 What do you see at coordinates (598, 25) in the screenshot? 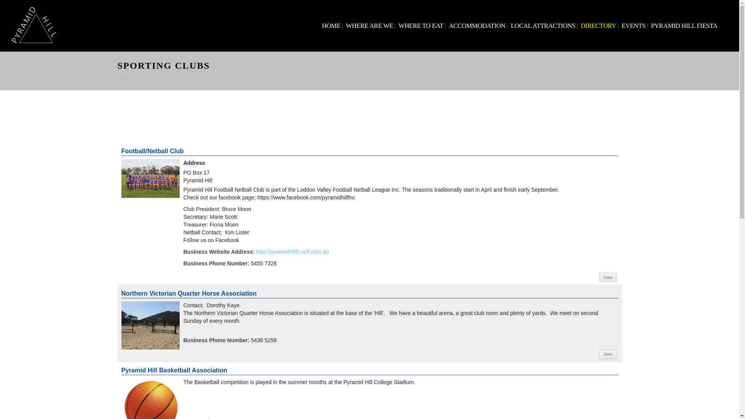
I see `'DIRECTORY'` at bounding box center [598, 25].